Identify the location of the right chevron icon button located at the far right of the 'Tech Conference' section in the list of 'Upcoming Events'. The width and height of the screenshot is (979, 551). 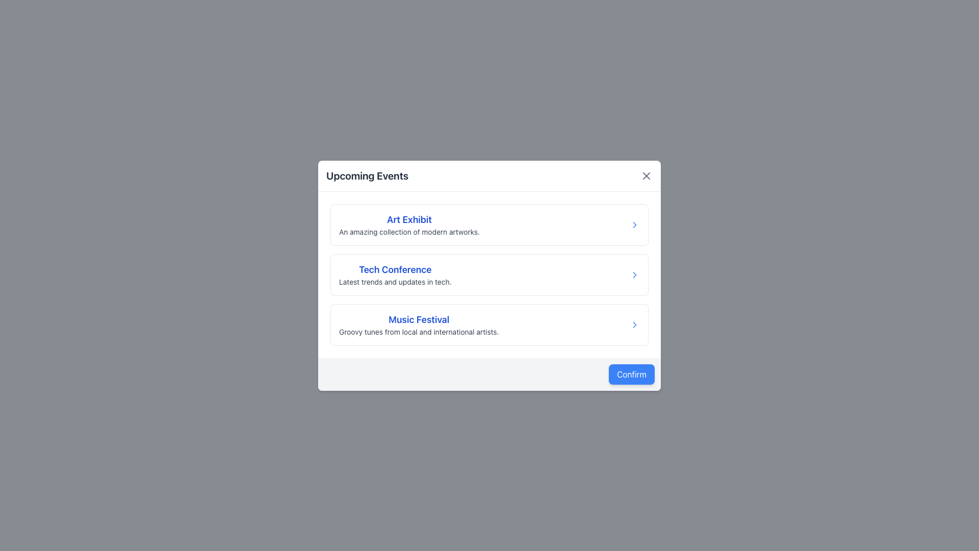
(634, 274).